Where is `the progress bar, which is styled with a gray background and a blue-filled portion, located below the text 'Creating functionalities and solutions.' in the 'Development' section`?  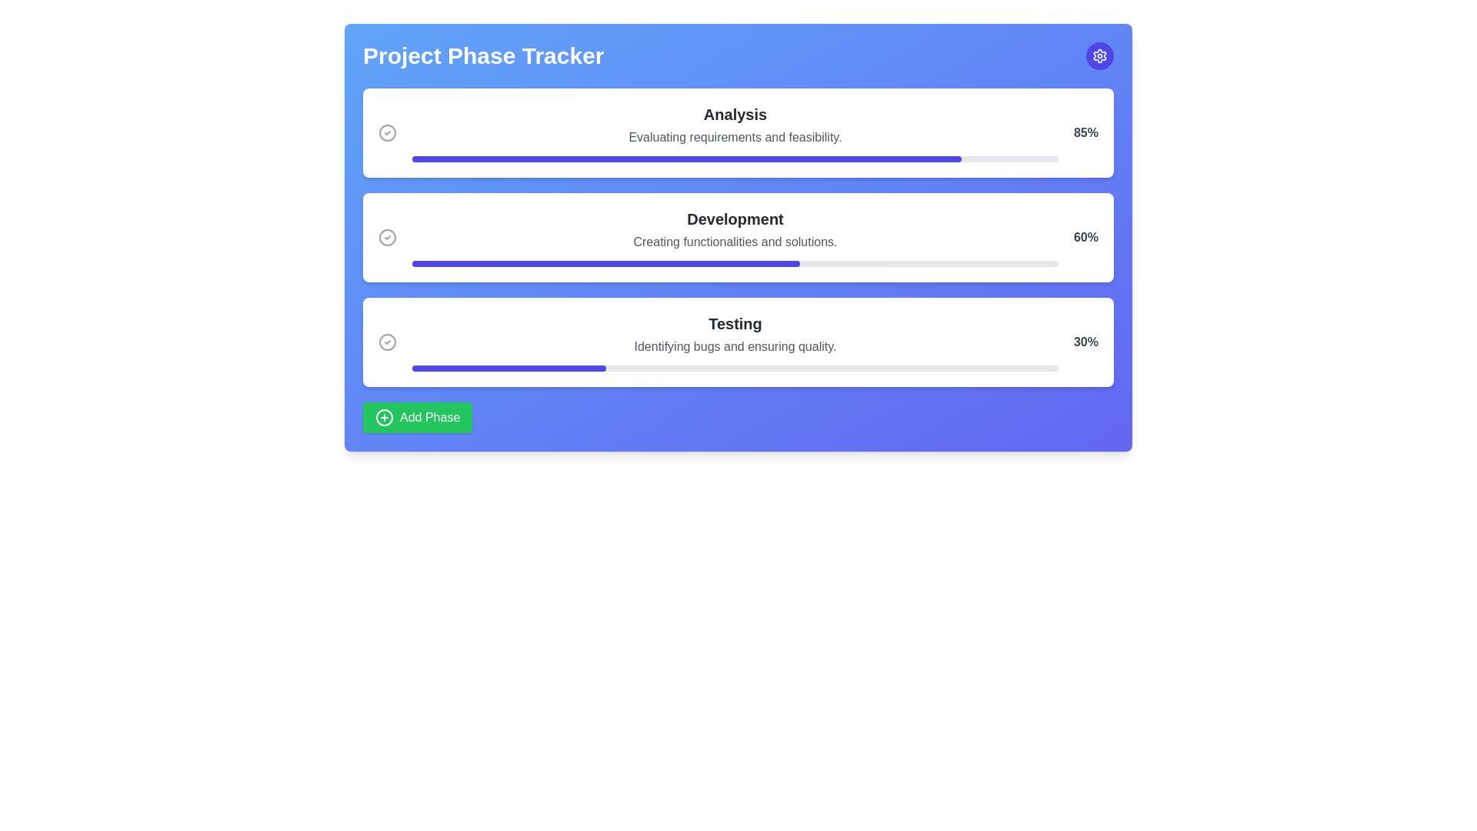
the progress bar, which is styled with a gray background and a blue-filled portion, located below the text 'Creating functionalities and solutions.' in the 'Development' section is located at coordinates (734, 263).